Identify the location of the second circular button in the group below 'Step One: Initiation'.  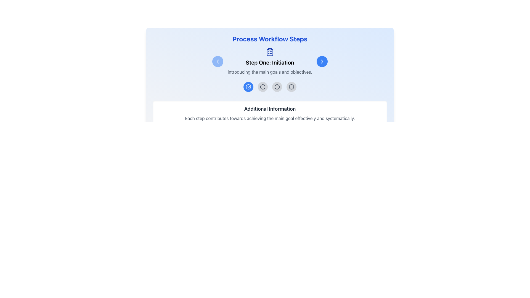
(262, 87).